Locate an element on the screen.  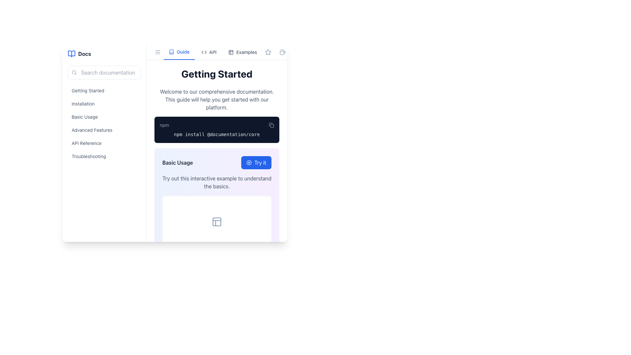
the static text element that contains the paragraph 'Welcome to our comprehensive documentation. This guide will help you get started with our platform.' located below the section title 'Getting Started' is located at coordinates (217, 100).